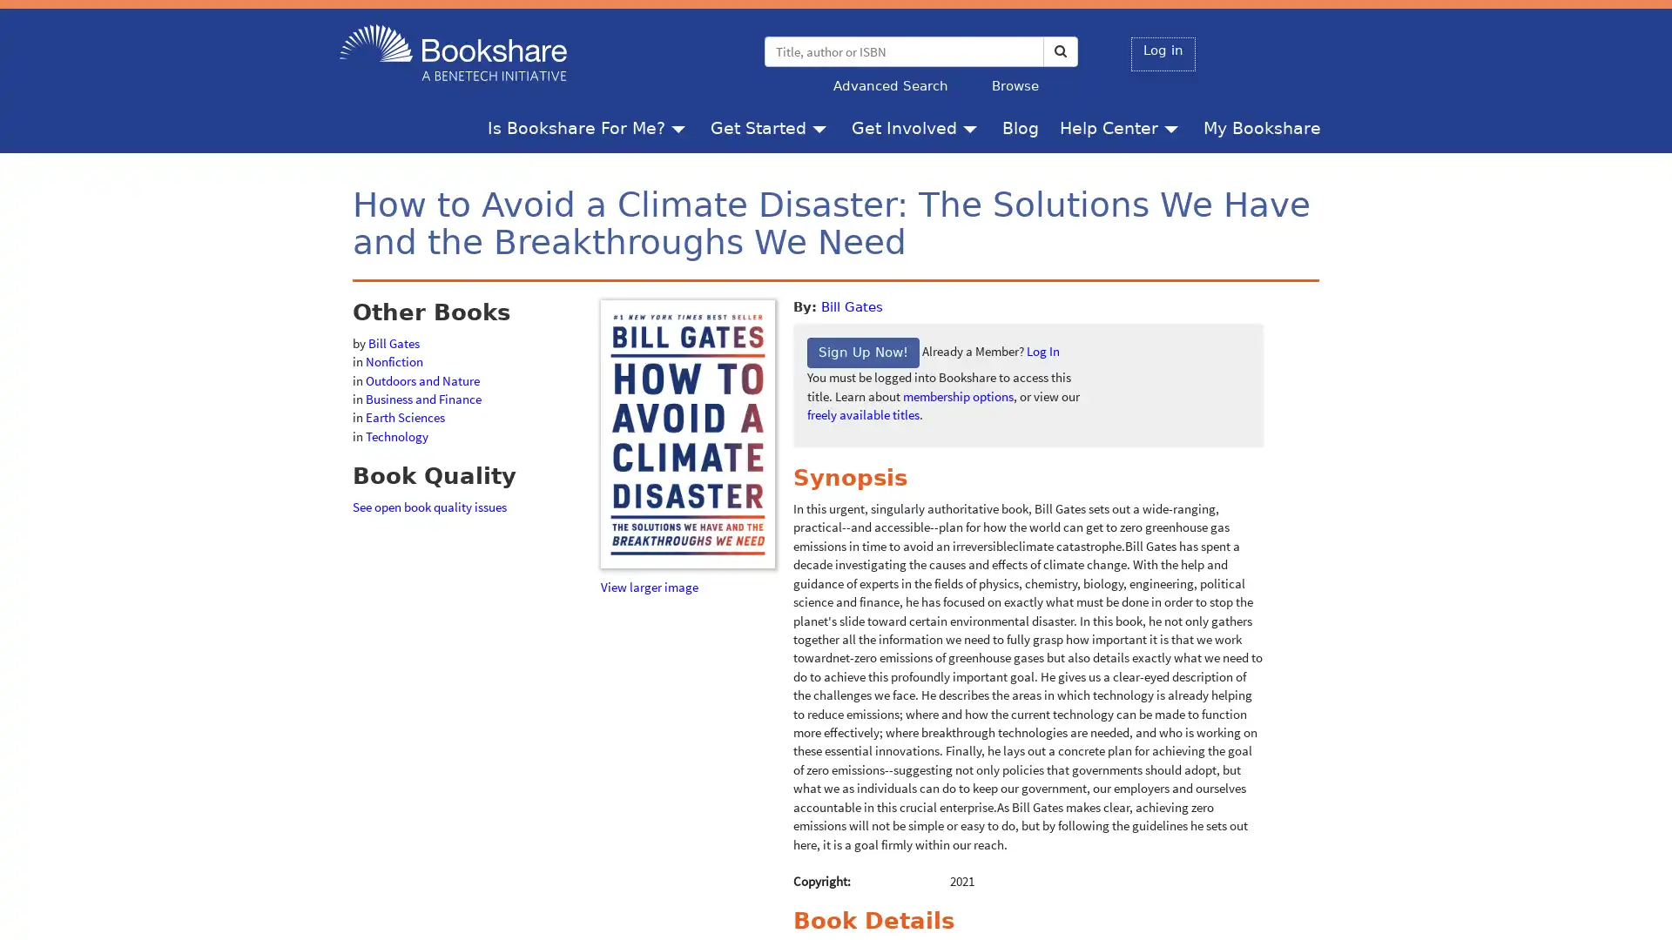 The image size is (1672, 940). I want to click on Search, so click(1059, 50).